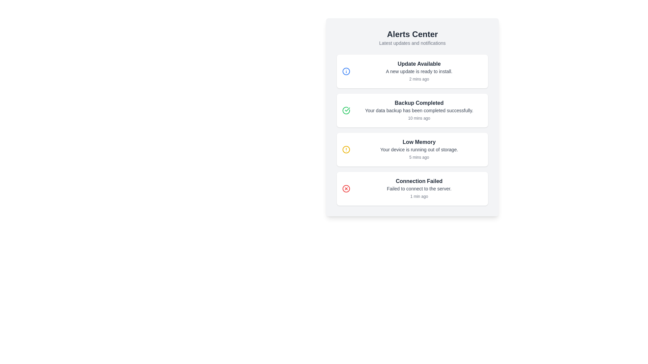  What do you see at coordinates (346, 188) in the screenshot?
I see `the red circular icon with a cross symbol in the 'Connection Failed' notification card, which is the fourth notification from the top in the notification list` at bounding box center [346, 188].